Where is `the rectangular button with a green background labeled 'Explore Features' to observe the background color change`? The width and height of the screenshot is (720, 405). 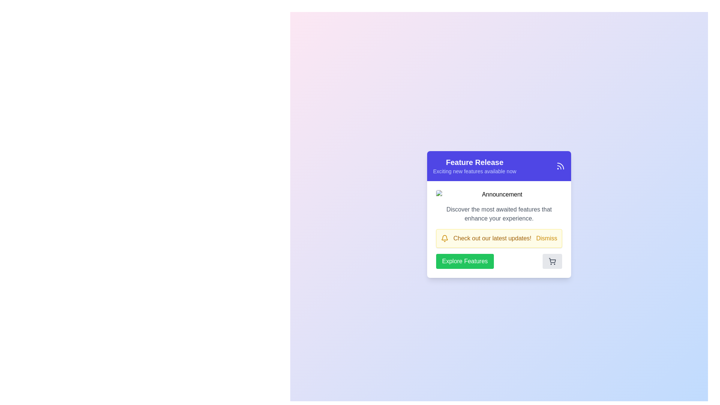 the rectangular button with a green background labeled 'Explore Features' to observe the background color change is located at coordinates (464, 261).